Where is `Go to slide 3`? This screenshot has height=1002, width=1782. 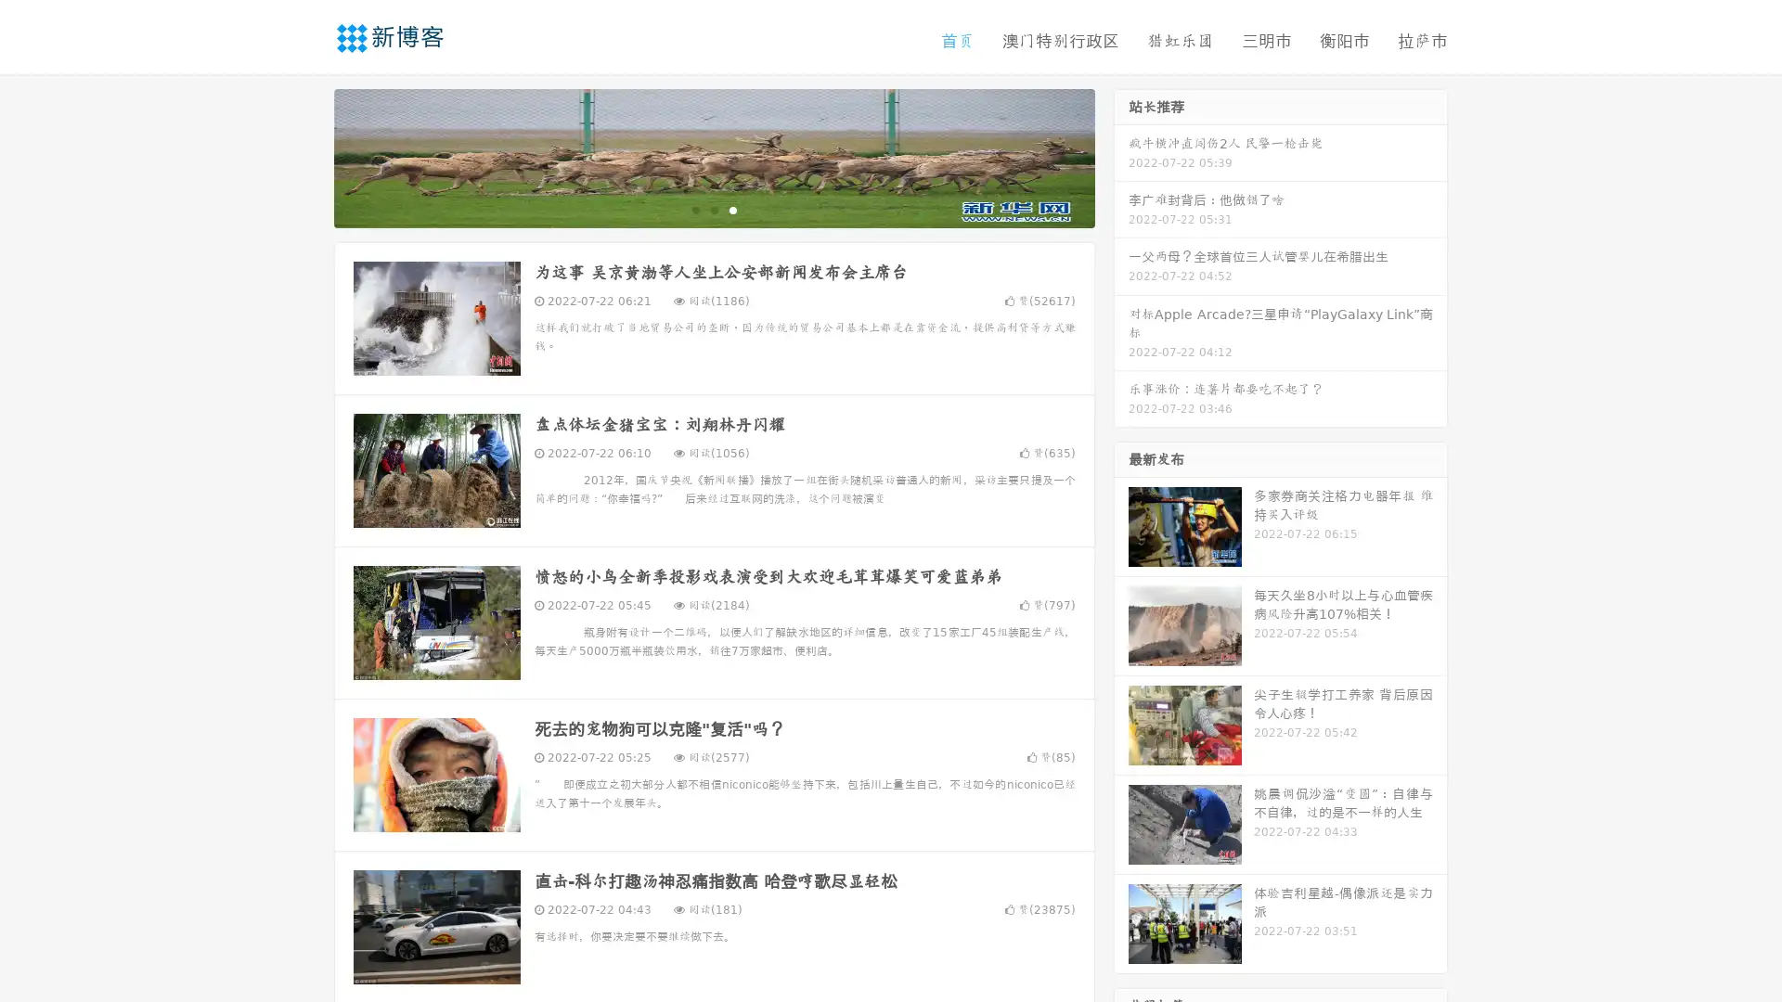 Go to slide 3 is located at coordinates (732, 209).